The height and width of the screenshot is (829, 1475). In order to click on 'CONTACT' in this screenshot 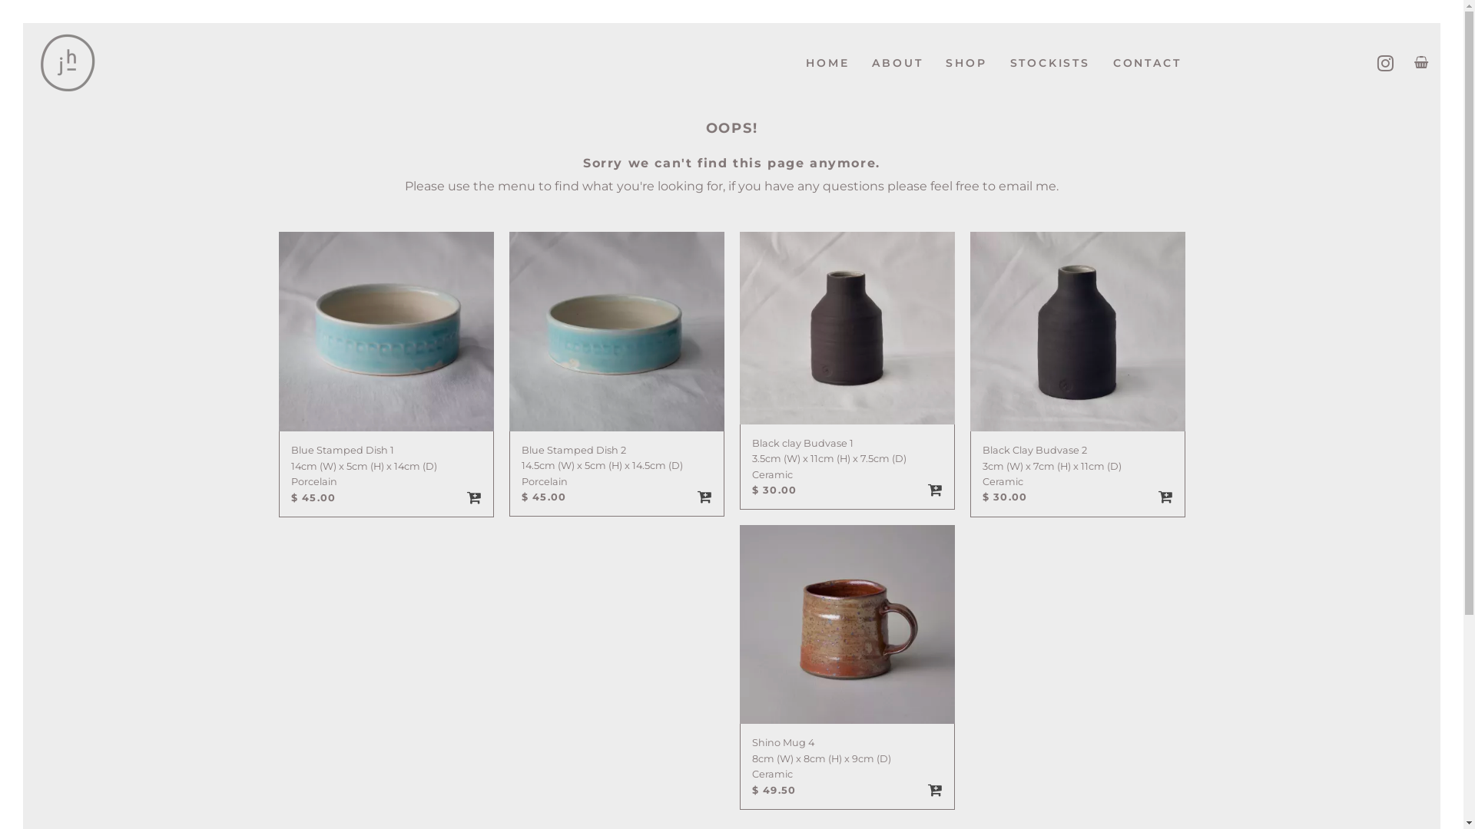, I will do `click(1147, 62)`.